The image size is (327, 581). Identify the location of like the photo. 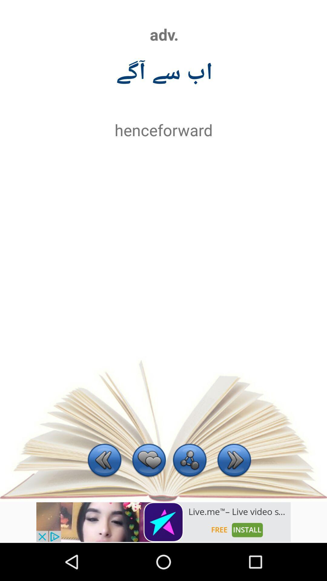
(149, 461).